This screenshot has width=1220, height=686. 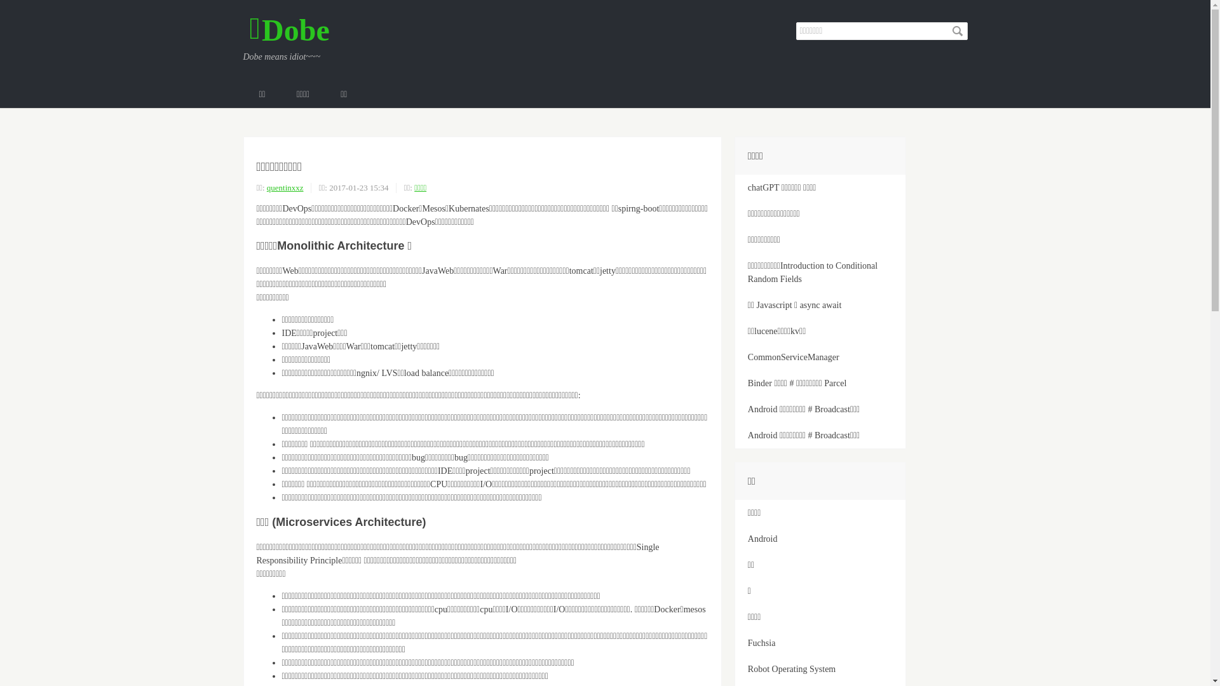 What do you see at coordinates (820, 668) in the screenshot?
I see `'Robot Operating System'` at bounding box center [820, 668].